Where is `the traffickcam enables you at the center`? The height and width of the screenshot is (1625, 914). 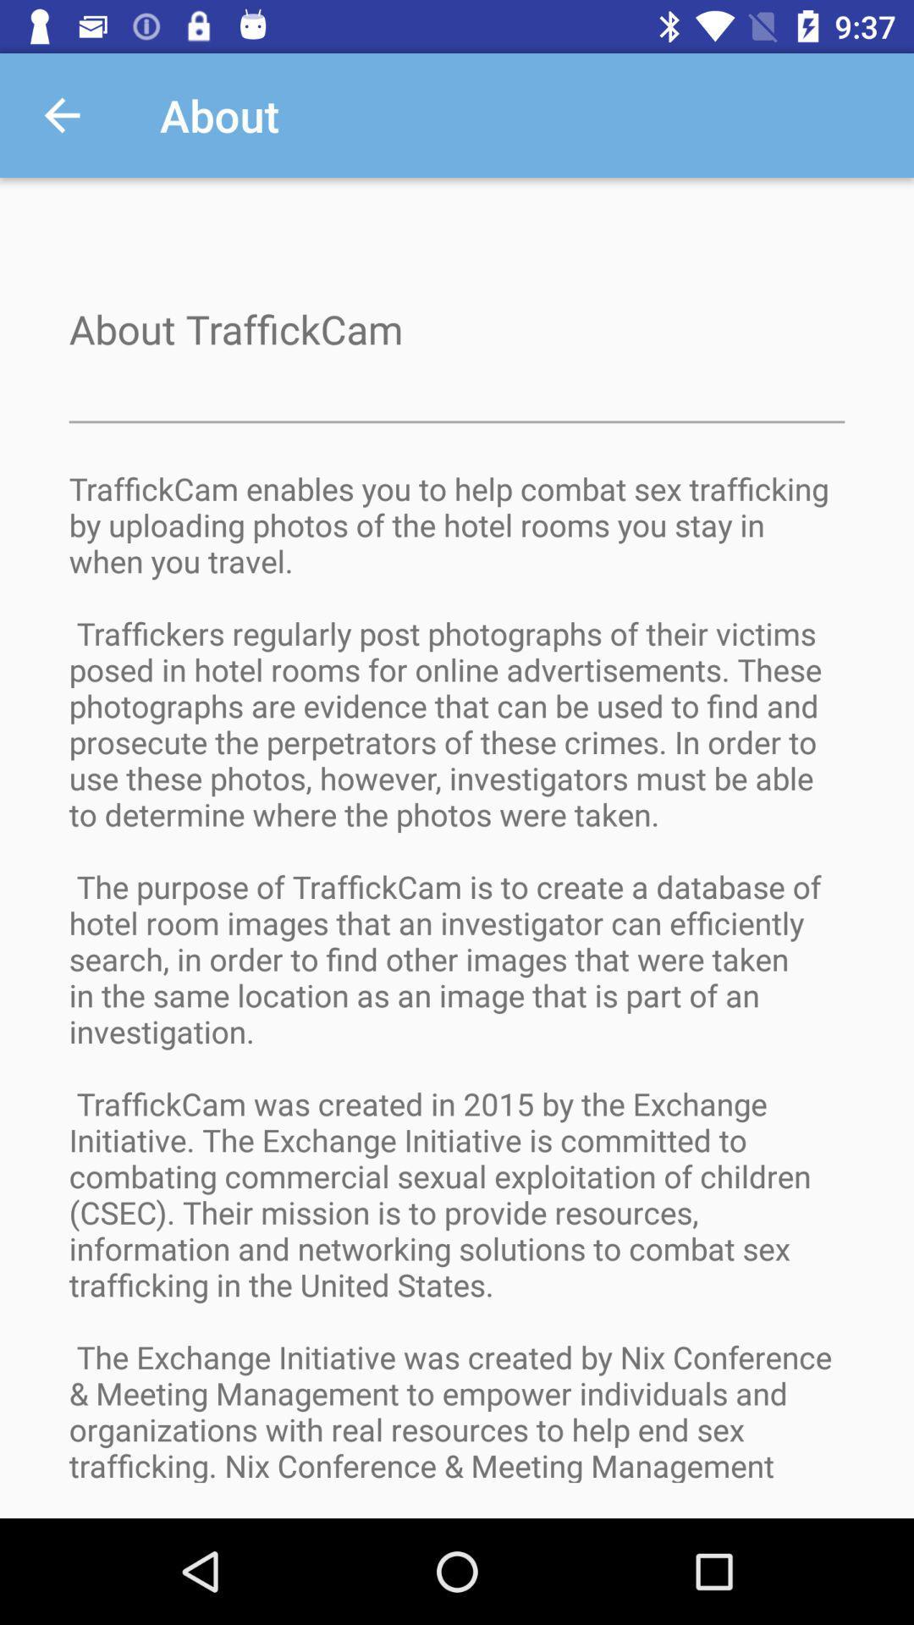 the traffickcam enables you at the center is located at coordinates (457, 993).